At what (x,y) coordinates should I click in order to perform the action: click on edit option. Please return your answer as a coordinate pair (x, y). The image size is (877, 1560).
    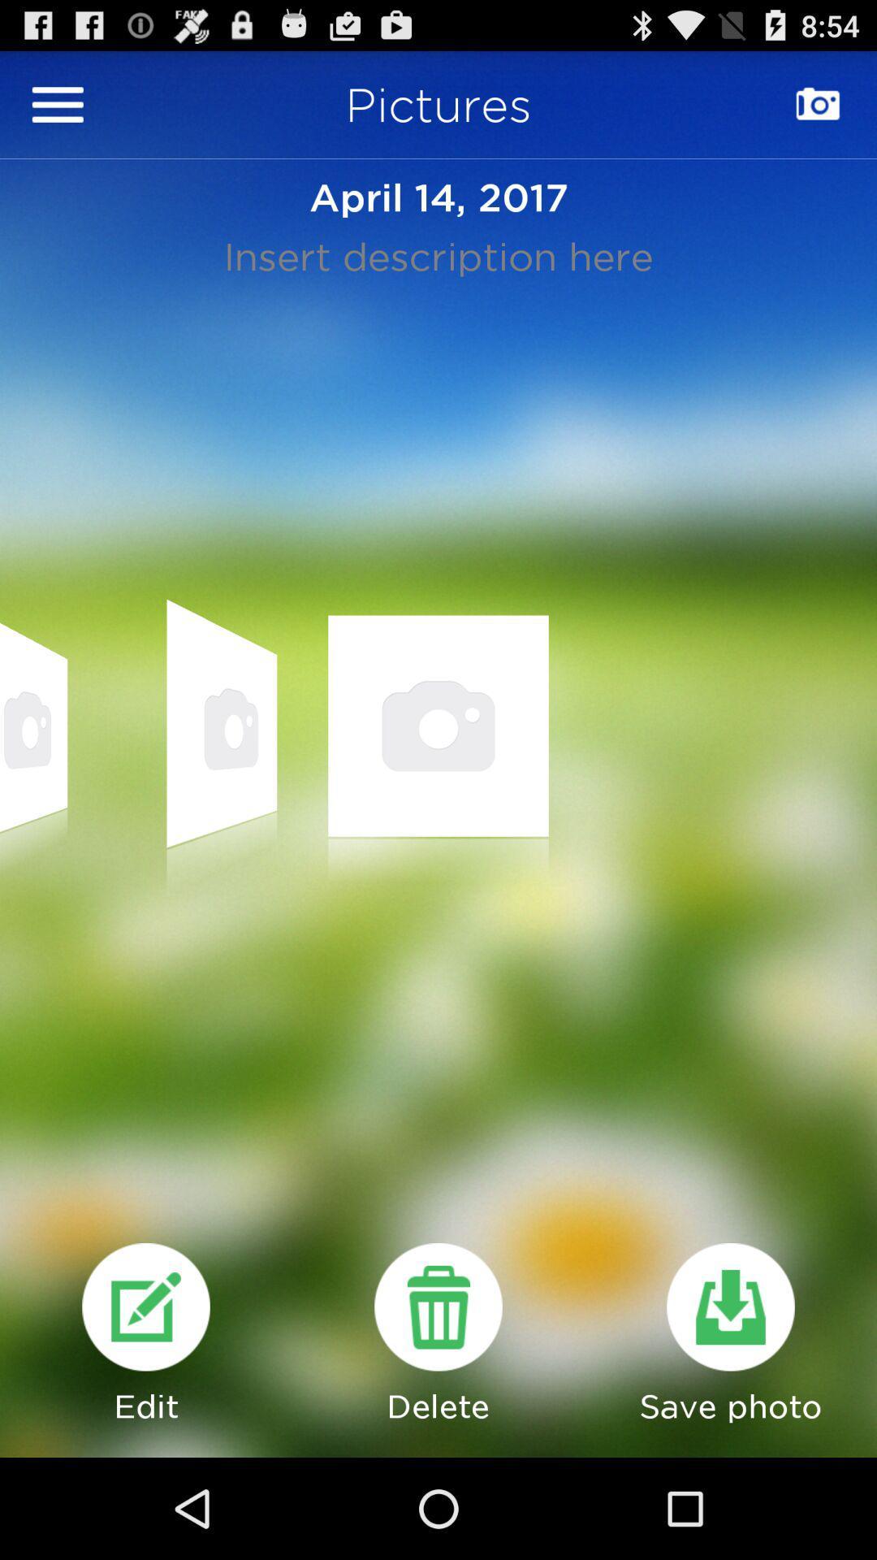
    Looking at the image, I should click on (146, 1306).